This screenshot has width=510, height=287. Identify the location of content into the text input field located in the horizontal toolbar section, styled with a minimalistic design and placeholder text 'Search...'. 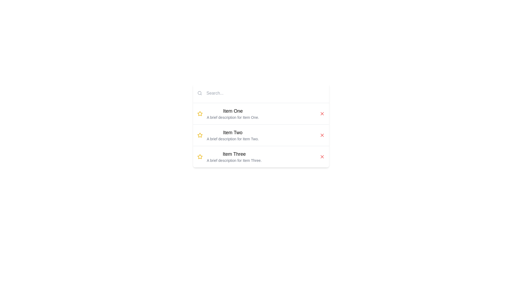
(264, 93).